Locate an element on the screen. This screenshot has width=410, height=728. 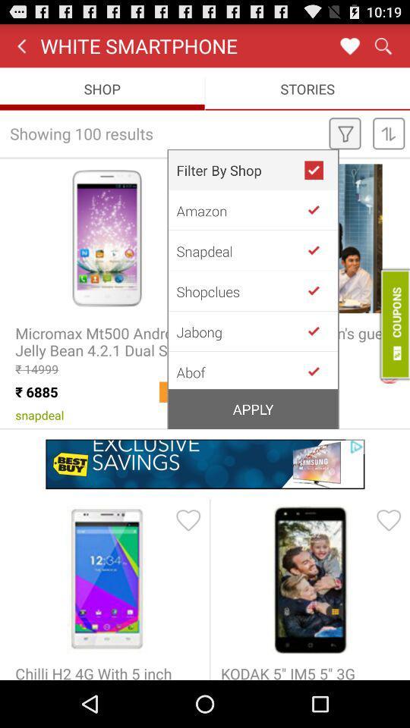
go back is located at coordinates (319, 290).